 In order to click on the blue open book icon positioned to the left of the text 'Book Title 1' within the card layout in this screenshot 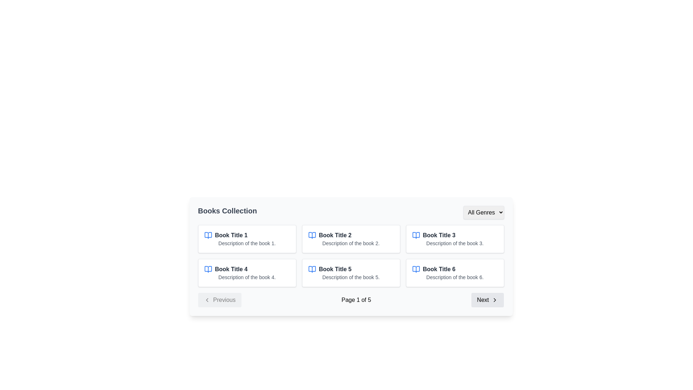, I will do `click(208, 235)`.